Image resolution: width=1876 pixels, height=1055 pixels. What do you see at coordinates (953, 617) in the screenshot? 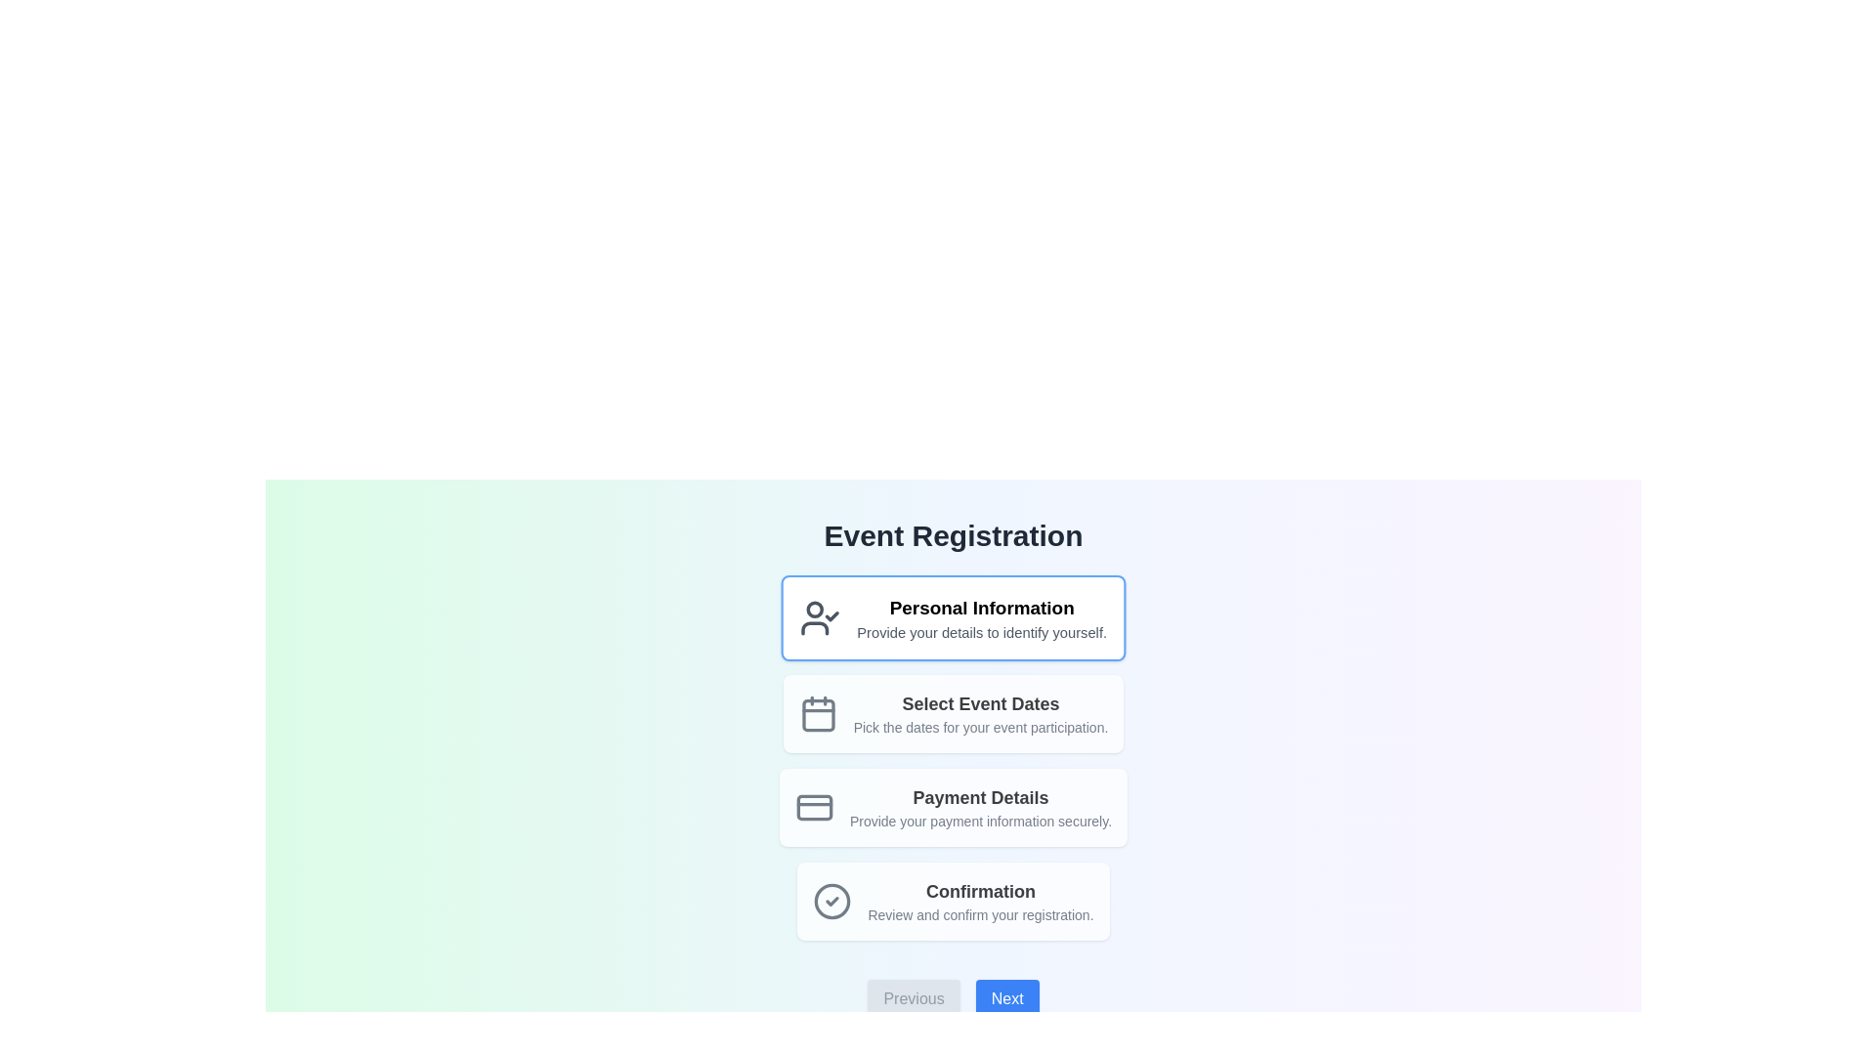
I see `the section header labeled 'Personal Information' which contains an icon of a person with a checkmark and provides details for user identification` at bounding box center [953, 617].